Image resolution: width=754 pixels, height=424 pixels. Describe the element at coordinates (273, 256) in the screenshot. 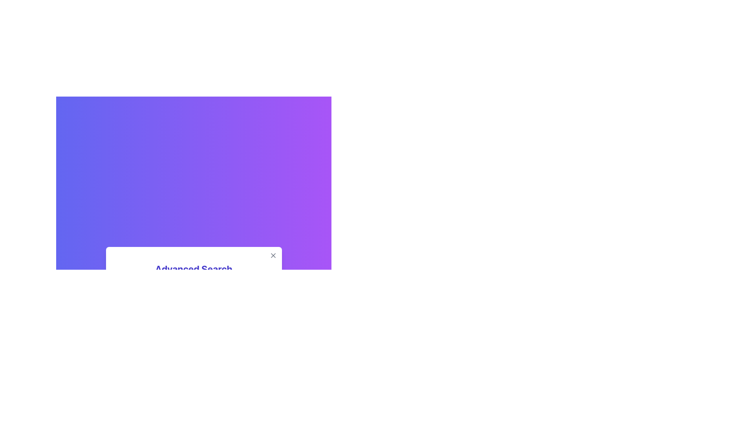

I see `the Close Icon located in the top-right corner of the modal` at that location.